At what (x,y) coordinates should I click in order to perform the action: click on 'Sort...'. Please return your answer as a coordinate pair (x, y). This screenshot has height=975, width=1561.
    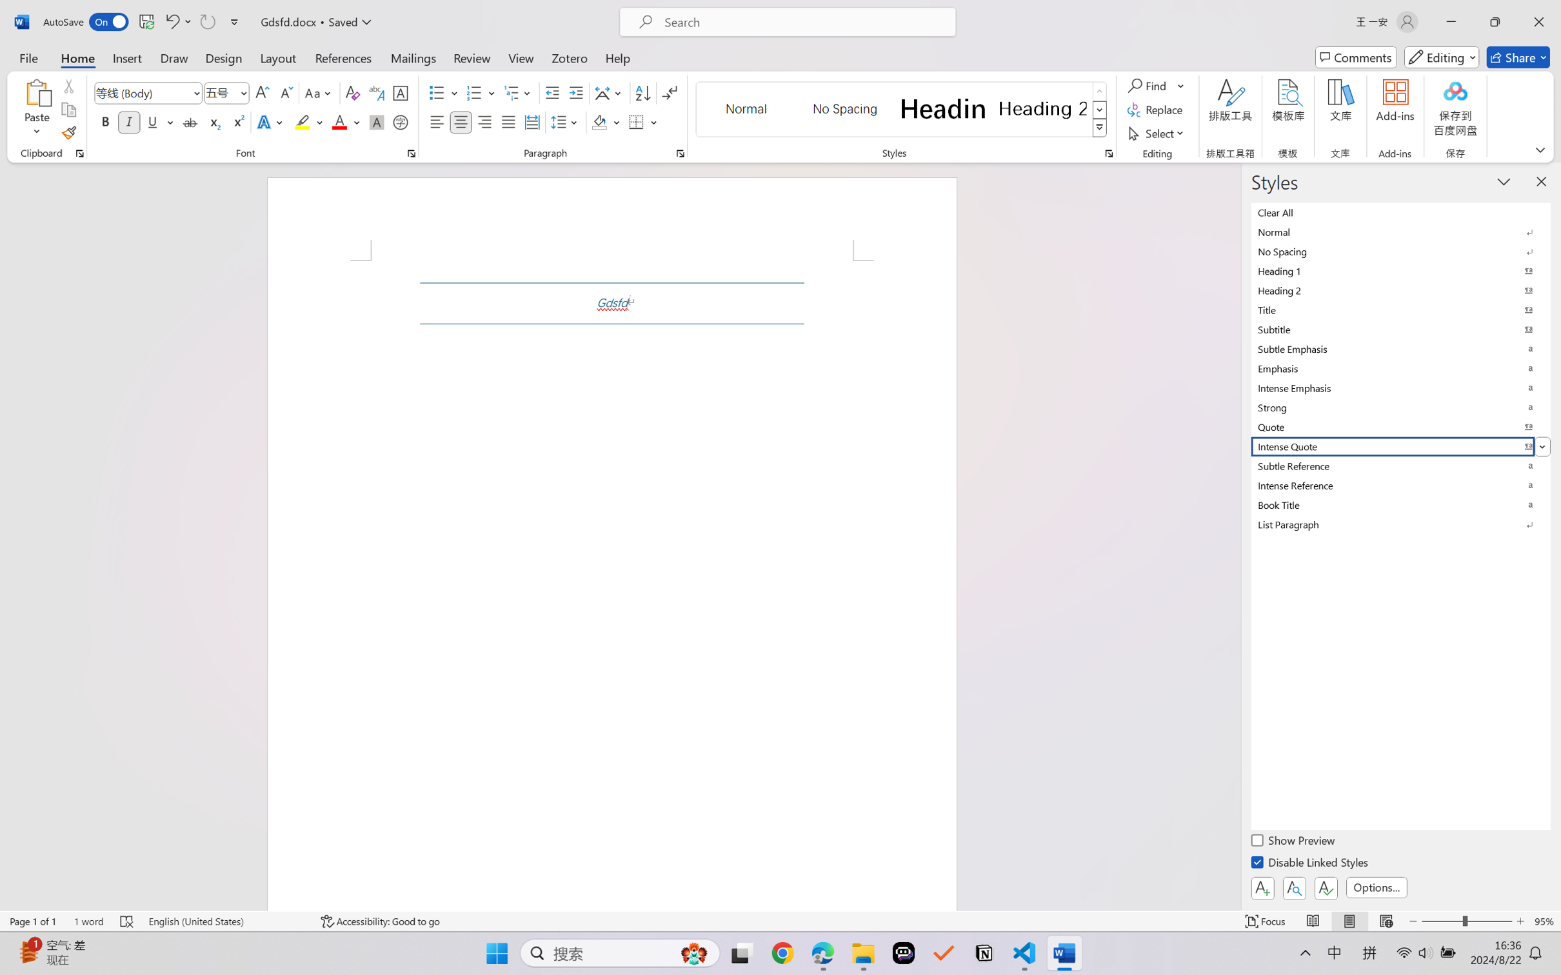
    Looking at the image, I should click on (642, 93).